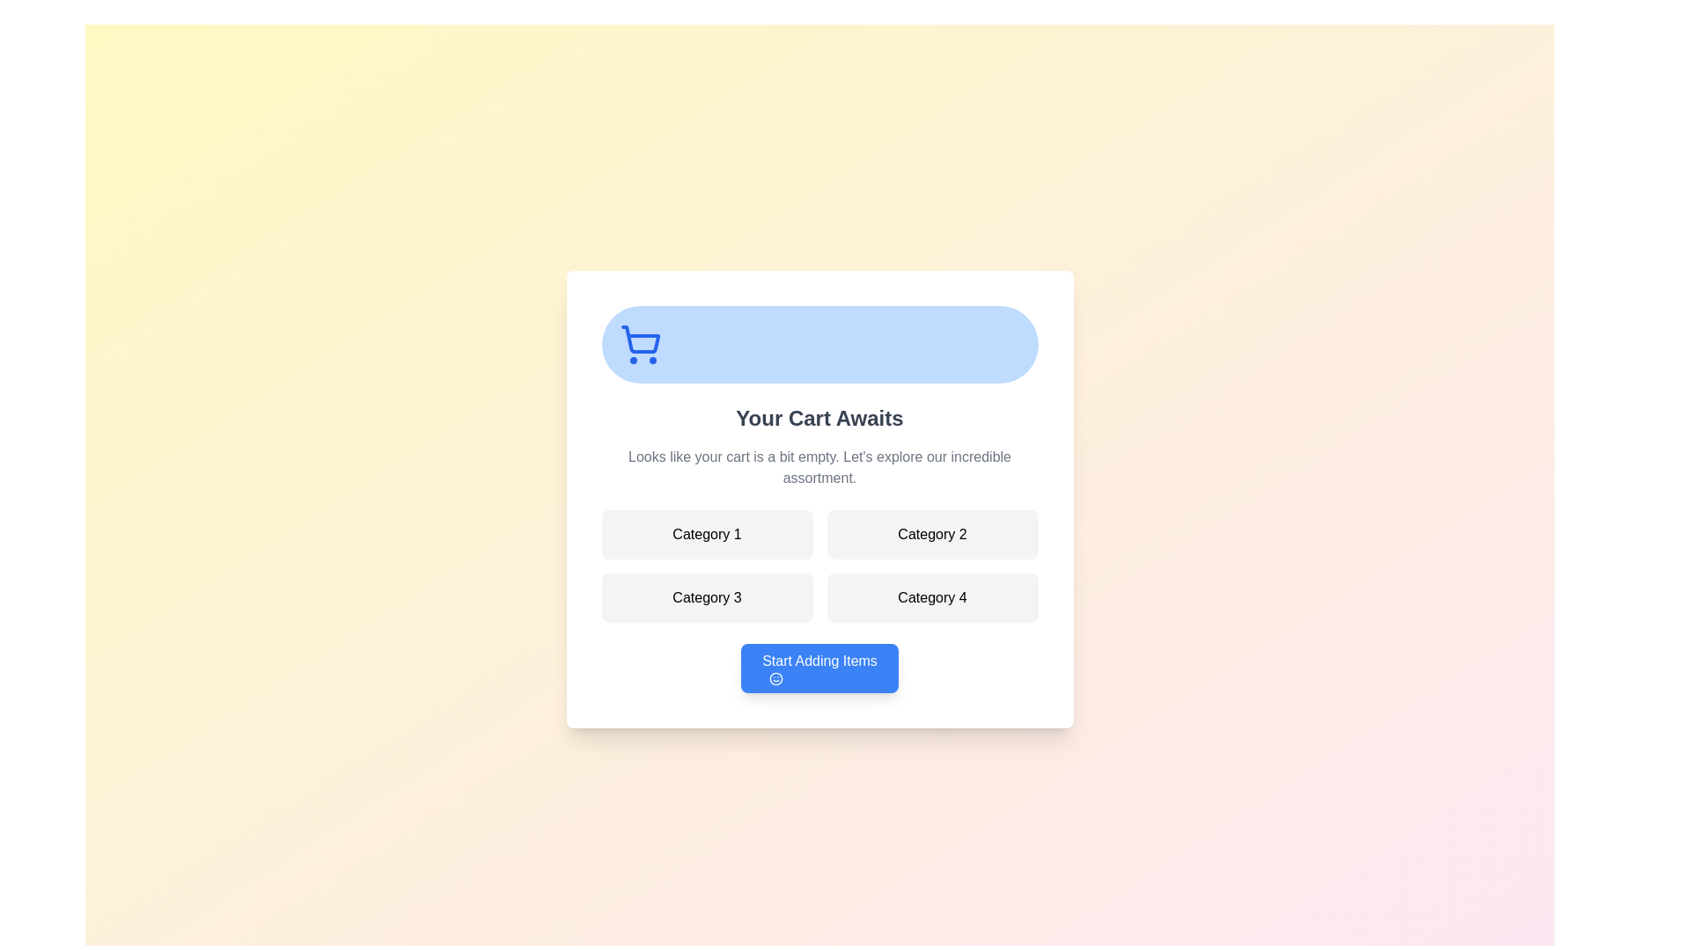 The image size is (1690, 950). Describe the element at coordinates (819, 418) in the screenshot. I see `the Static Text Header that indicates the purpose or status of the user's cart, which is located centrally beneath a shopping cart icon and above descriptive text` at that location.